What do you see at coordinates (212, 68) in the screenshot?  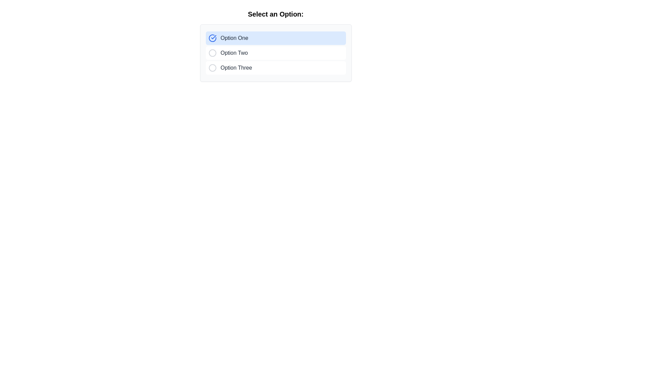 I see `the radio button icon with a thin gray outline located to the left of the text 'Option Three'` at bounding box center [212, 68].